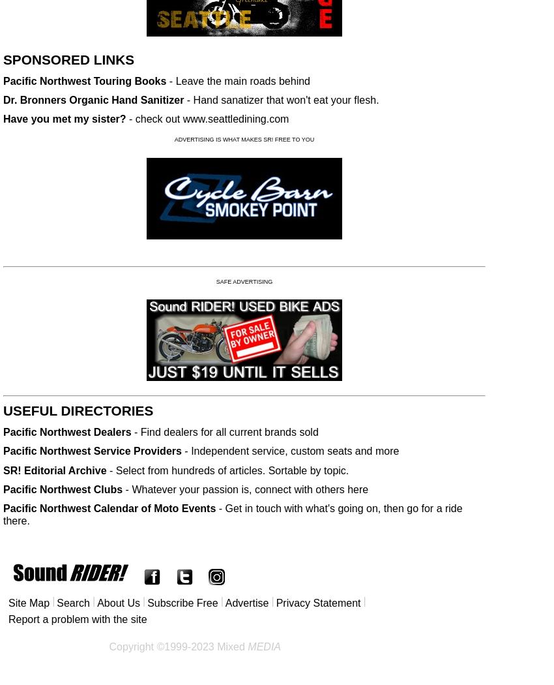  What do you see at coordinates (84, 80) in the screenshot?
I see `'Pacific Northwest Touring Books'` at bounding box center [84, 80].